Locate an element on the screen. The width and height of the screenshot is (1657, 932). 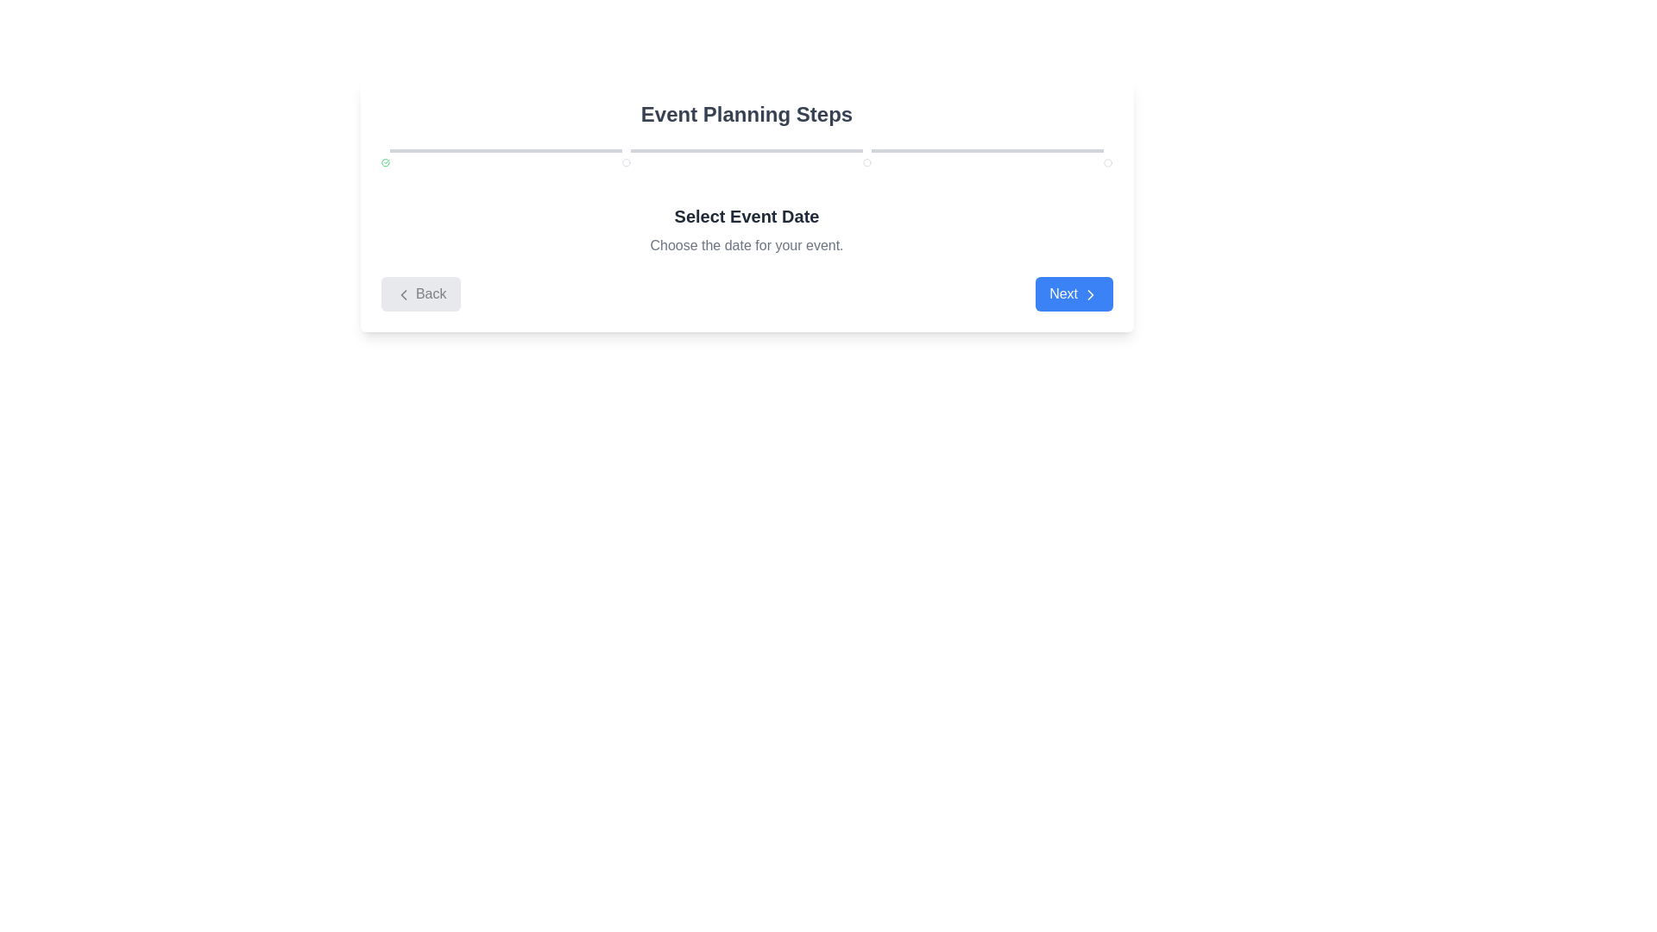
the fourth circular graphical indicator element, which is gray and part of a progress indicator layout, located in the top central region of the interface is located at coordinates (867, 163).